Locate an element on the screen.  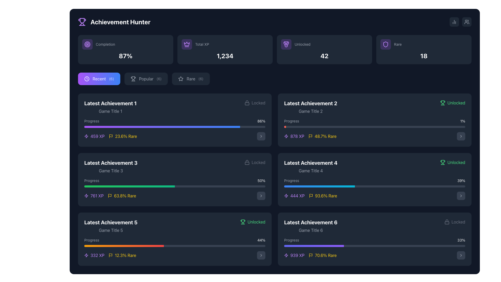
the informational display panel that shows details for 'Latest Achievement 2', which includes its name, associated game, and status, located in the second row of the achievements list is located at coordinates (374, 107).